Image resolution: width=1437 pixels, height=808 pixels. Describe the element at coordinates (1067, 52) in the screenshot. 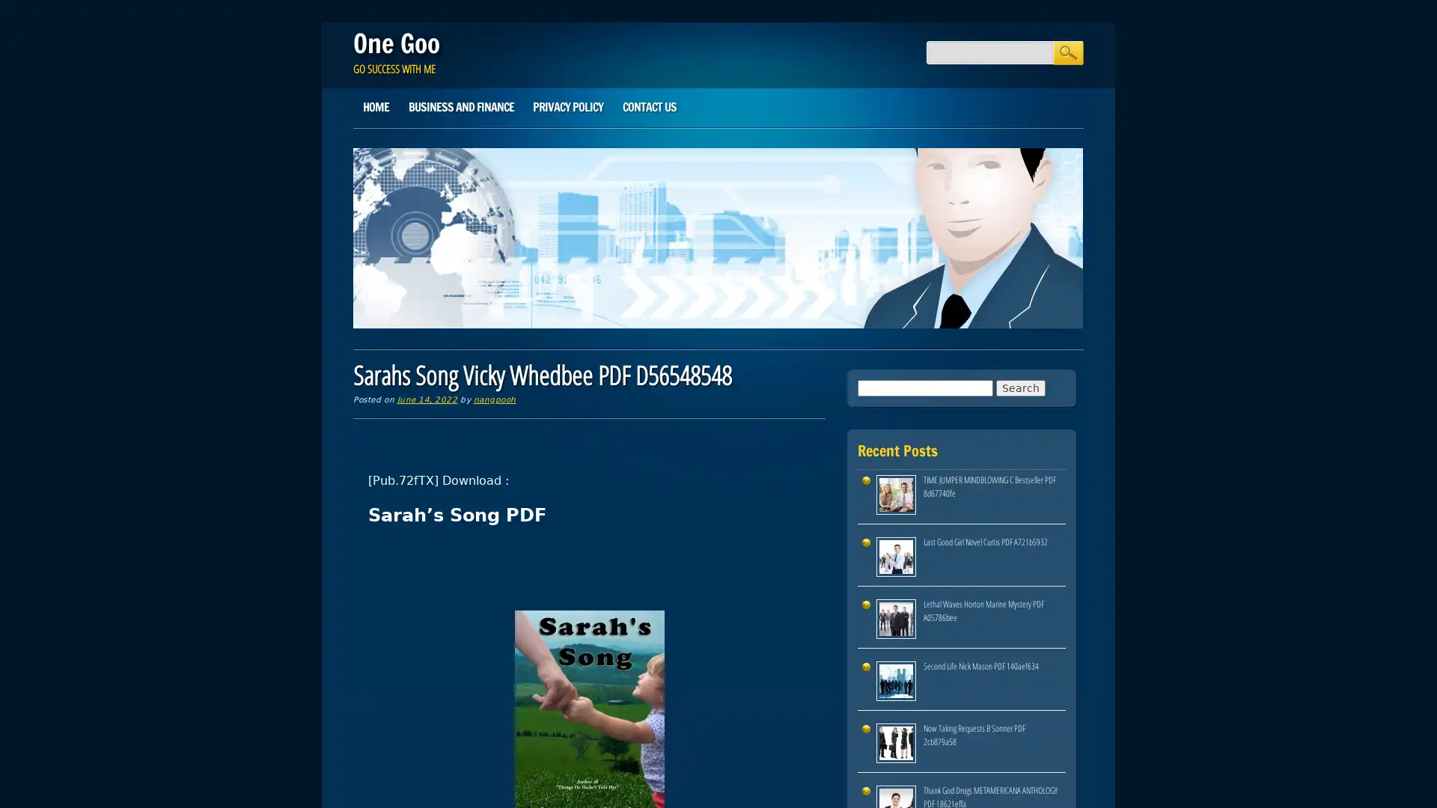

I see `Search` at that location.